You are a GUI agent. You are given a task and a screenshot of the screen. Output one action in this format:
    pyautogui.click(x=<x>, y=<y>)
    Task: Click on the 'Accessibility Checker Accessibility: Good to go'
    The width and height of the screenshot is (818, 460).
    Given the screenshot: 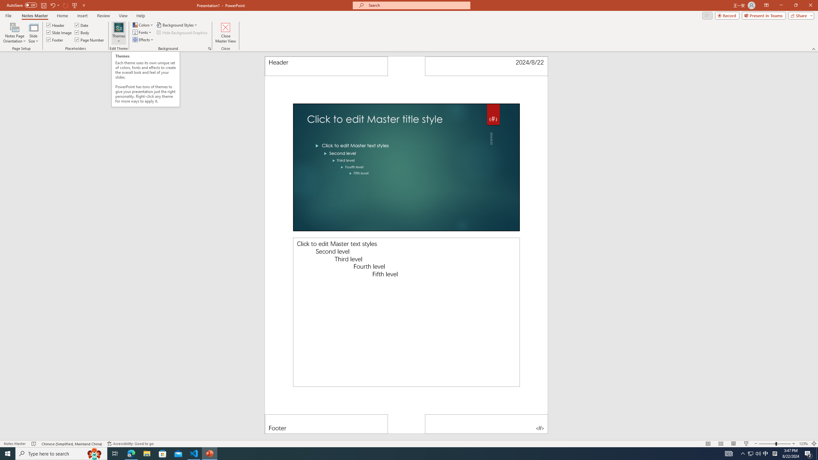 What is the action you would take?
    pyautogui.click(x=130, y=444)
    